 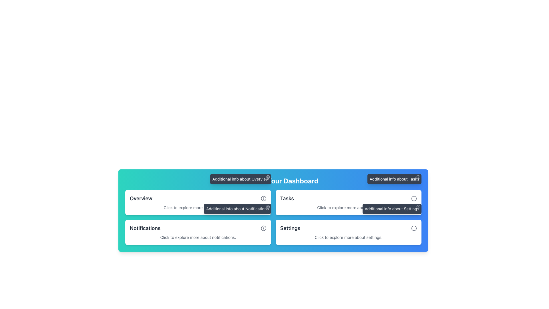 What do you see at coordinates (348, 207) in the screenshot?
I see `the informational text label located at the bottom of the 'Tasks' card, which provides guidance related to task features` at bounding box center [348, 207].